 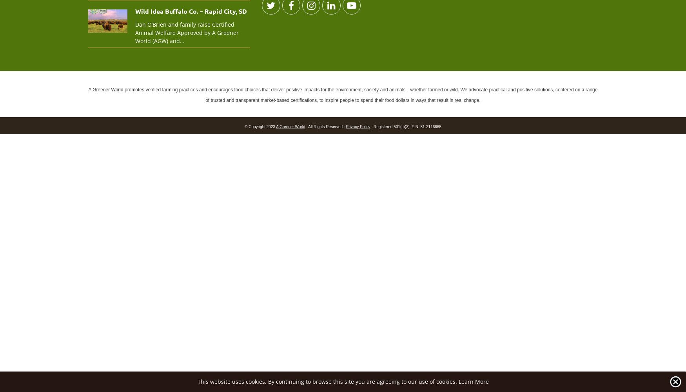 I want to click on 'Privacy Policy', so click(x=345, y=126).